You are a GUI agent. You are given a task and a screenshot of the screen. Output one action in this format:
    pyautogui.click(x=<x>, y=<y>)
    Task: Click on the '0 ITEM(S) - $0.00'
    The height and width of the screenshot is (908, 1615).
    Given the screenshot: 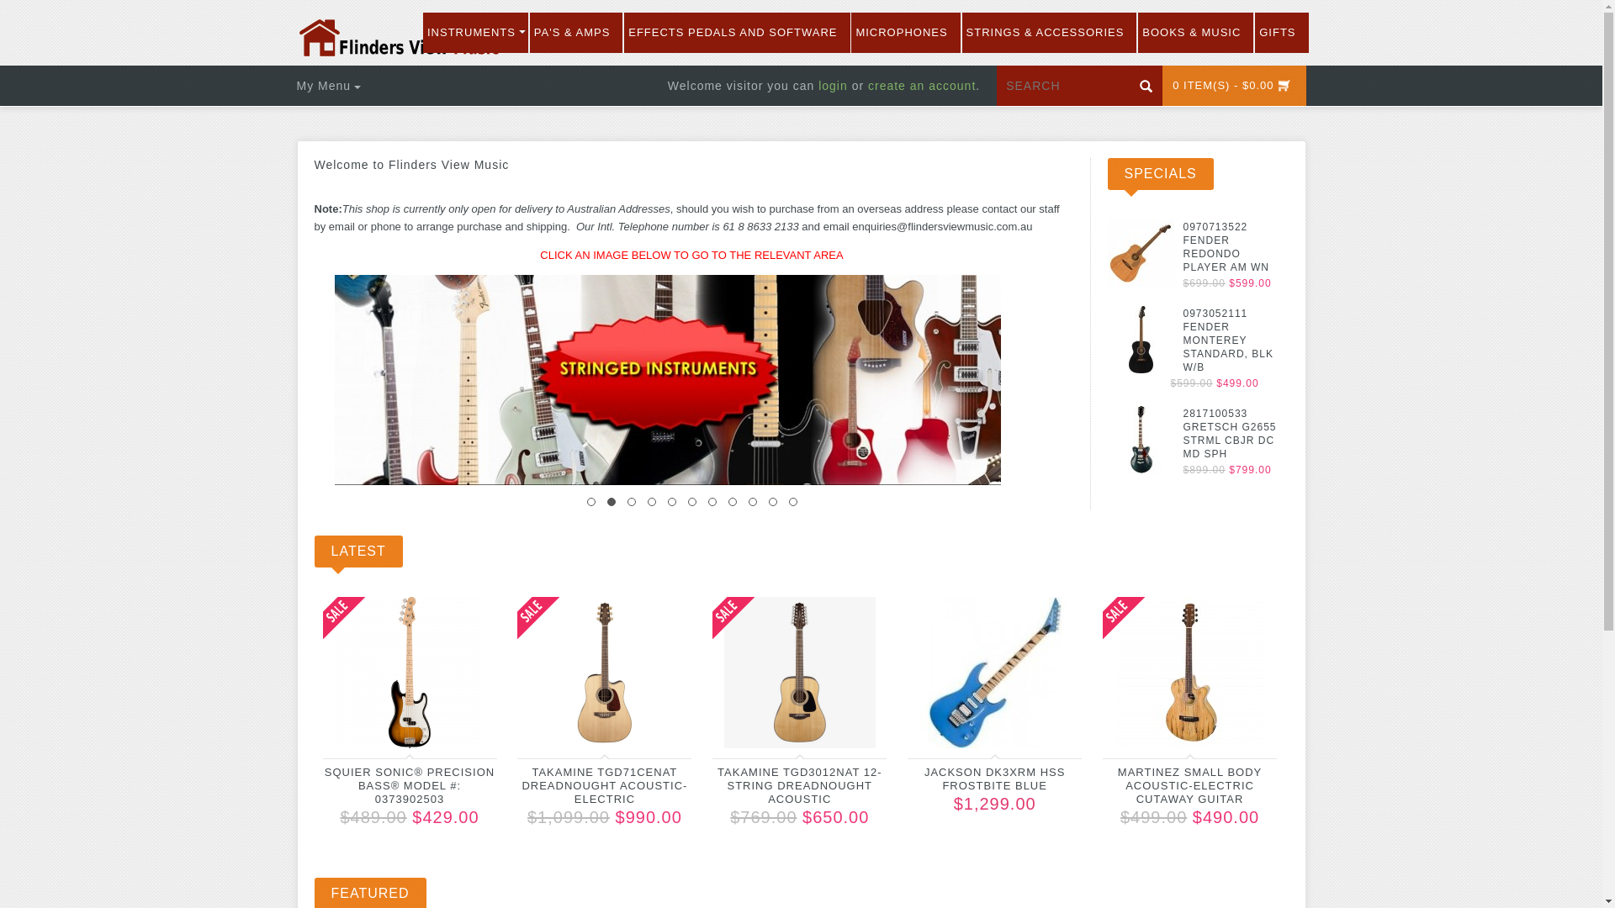 What is the action you would take?
    pyautogui.click(x=1234, y=85)
    